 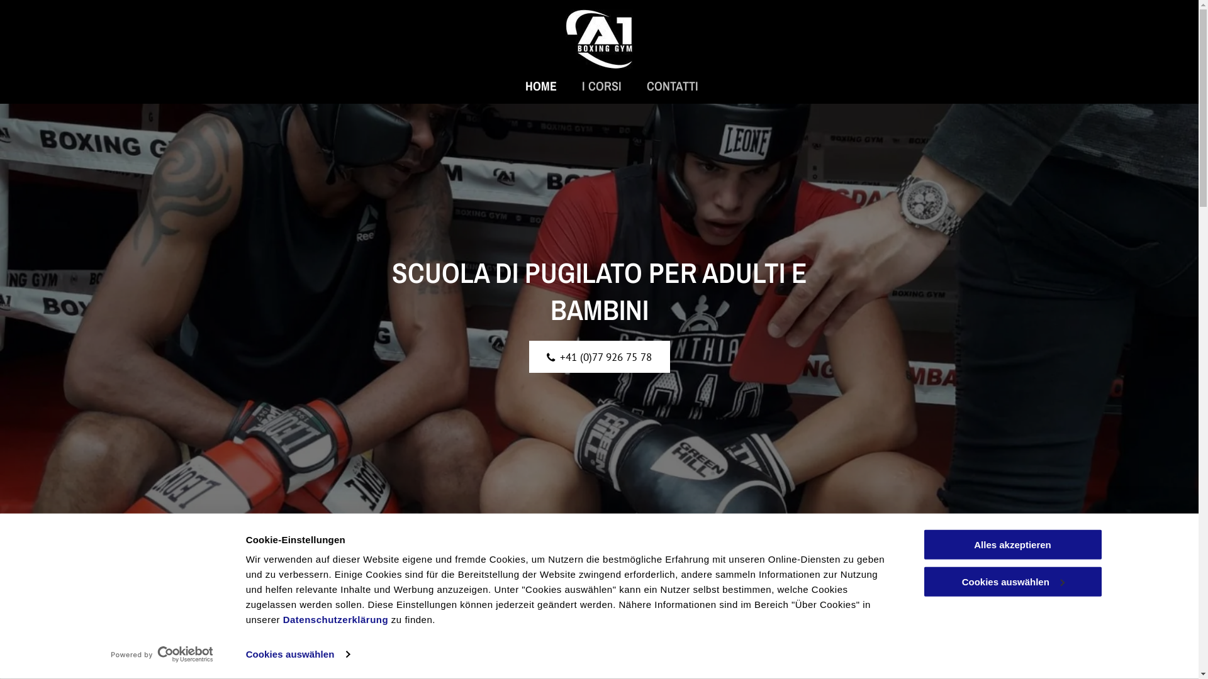 I want to click on 'CONTATTI', so click(x=672, y=85).